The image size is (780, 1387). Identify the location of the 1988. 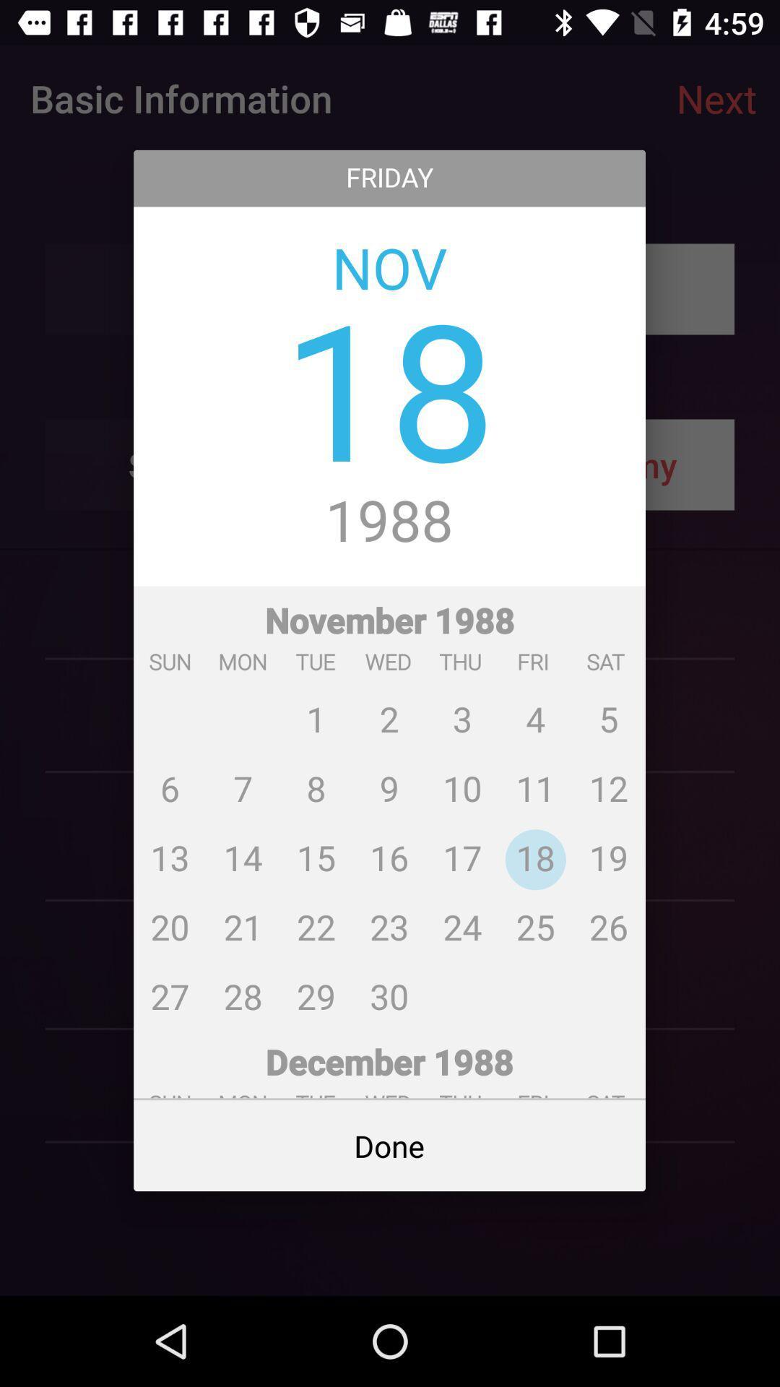
(389, 522).